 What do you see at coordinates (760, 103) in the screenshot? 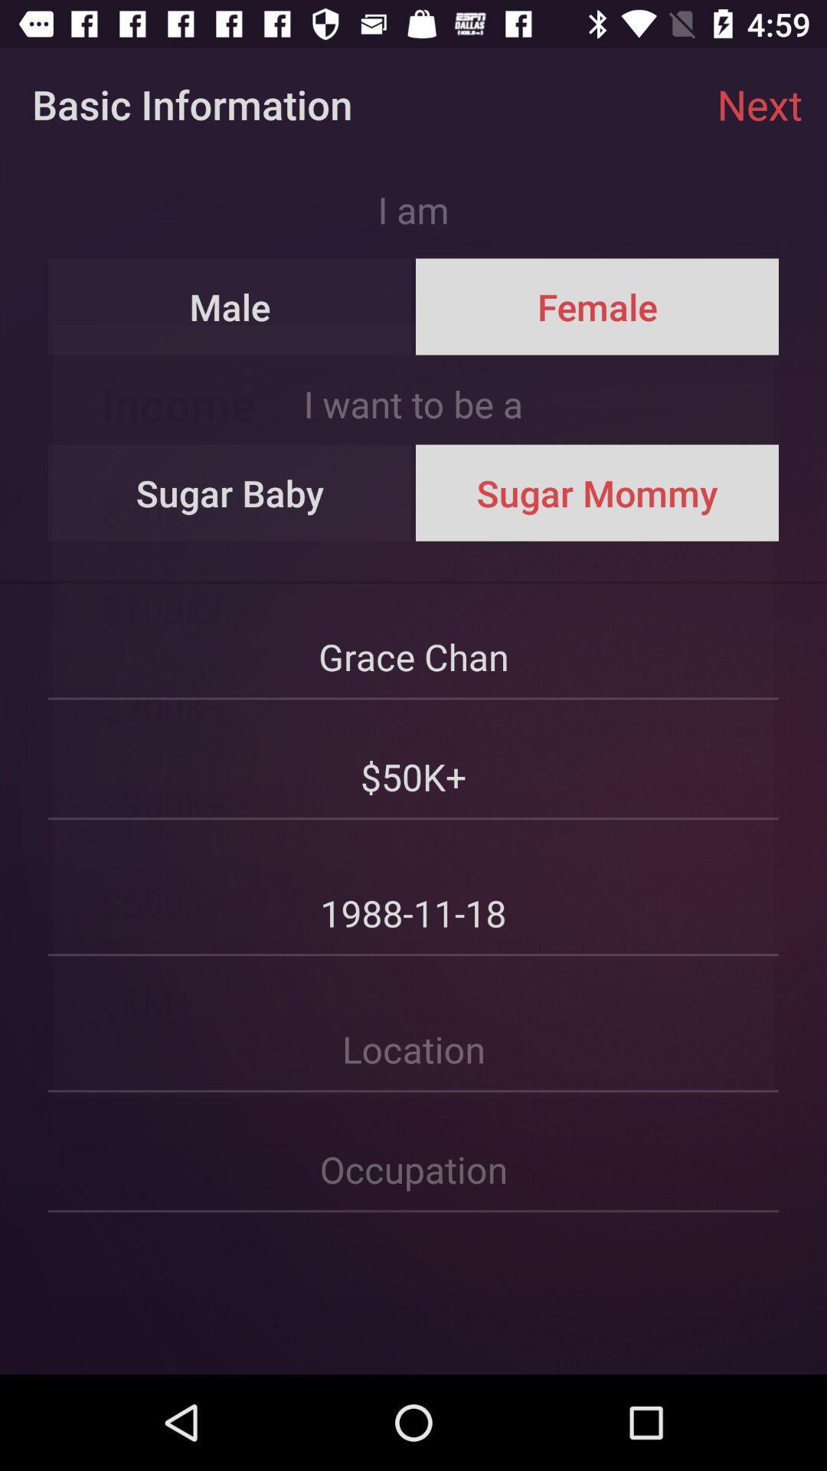
I see `next icon` at bounding box center [760, 103].